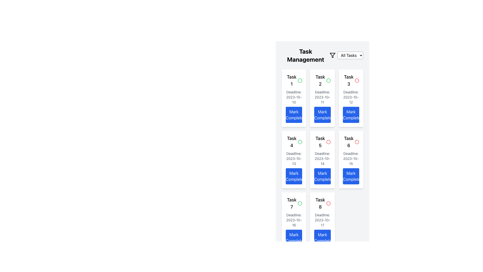 The image size is (483, 272). What do you see at coordinates (328, 80) in the screenshot?
I see `the circular green outlined Status Indicator located next to the title of Task 1 in the task management interface` at bounding box center [328, 80].